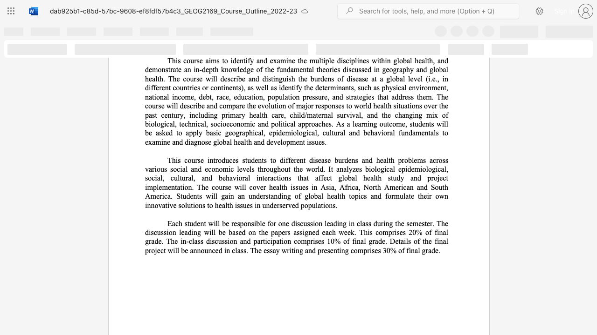 This screenshot has height=335, width=597. What do you see at coordinates (356, 123) in the screenshot?
I see `the 1th character "e" in the text` at bounding box center [356, 123].